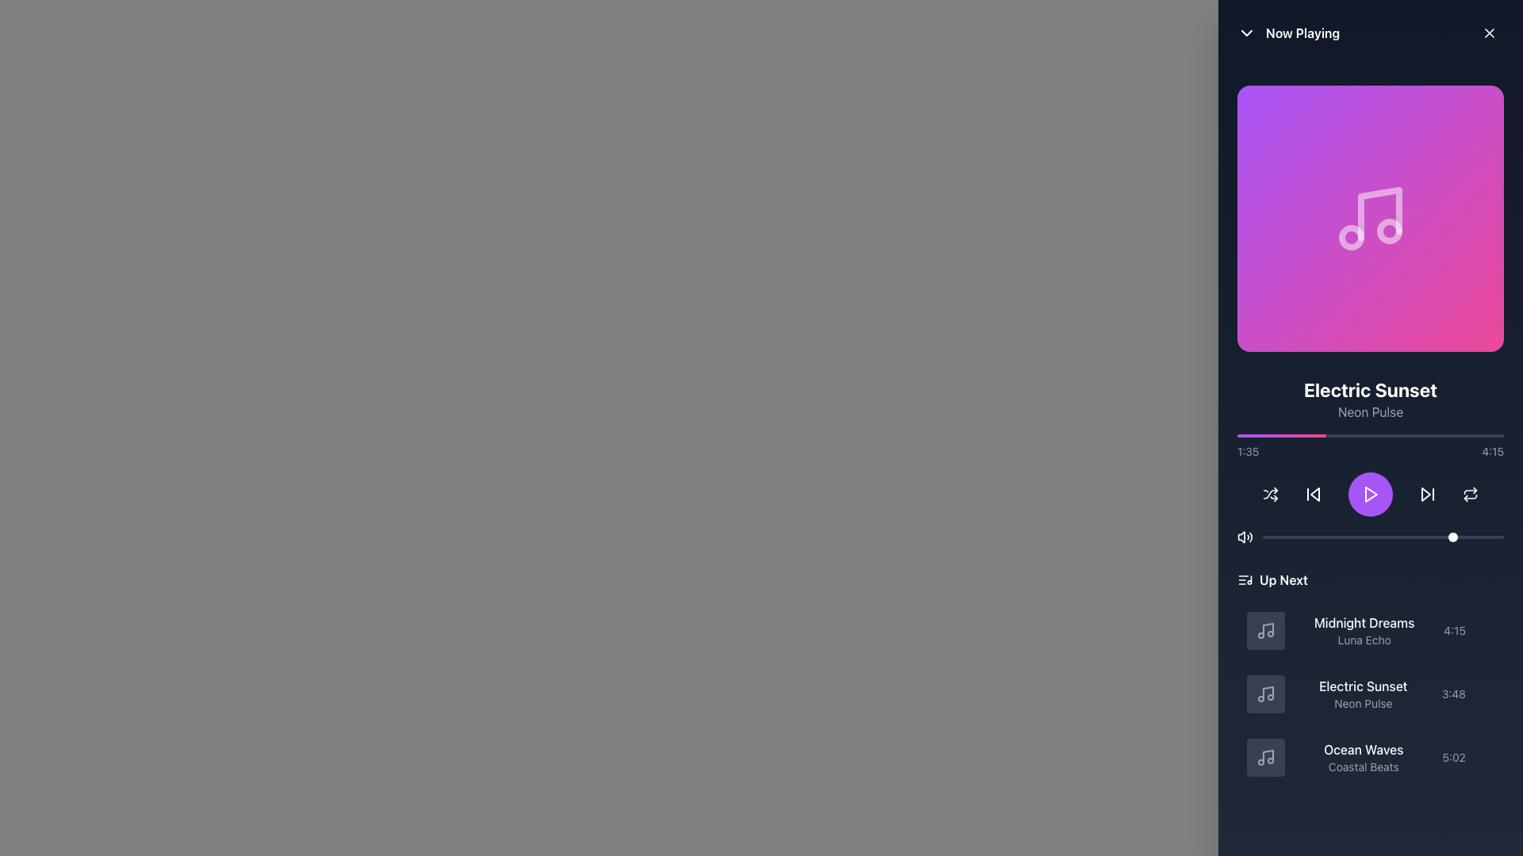  Describe the element at coordinates (1370, 411) in the screenshot. I see `the text label 'Neon Pulse' which is styled in muted gray and located directly below 'Electric Sunset' in the music player view` at that location.